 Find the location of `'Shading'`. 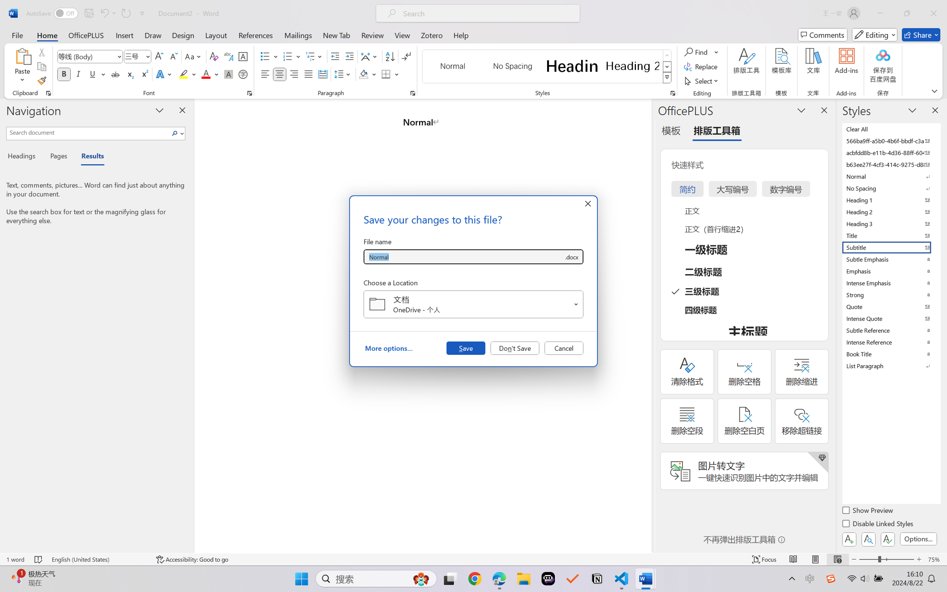

'Shading' is located at coordinates (367, 74).